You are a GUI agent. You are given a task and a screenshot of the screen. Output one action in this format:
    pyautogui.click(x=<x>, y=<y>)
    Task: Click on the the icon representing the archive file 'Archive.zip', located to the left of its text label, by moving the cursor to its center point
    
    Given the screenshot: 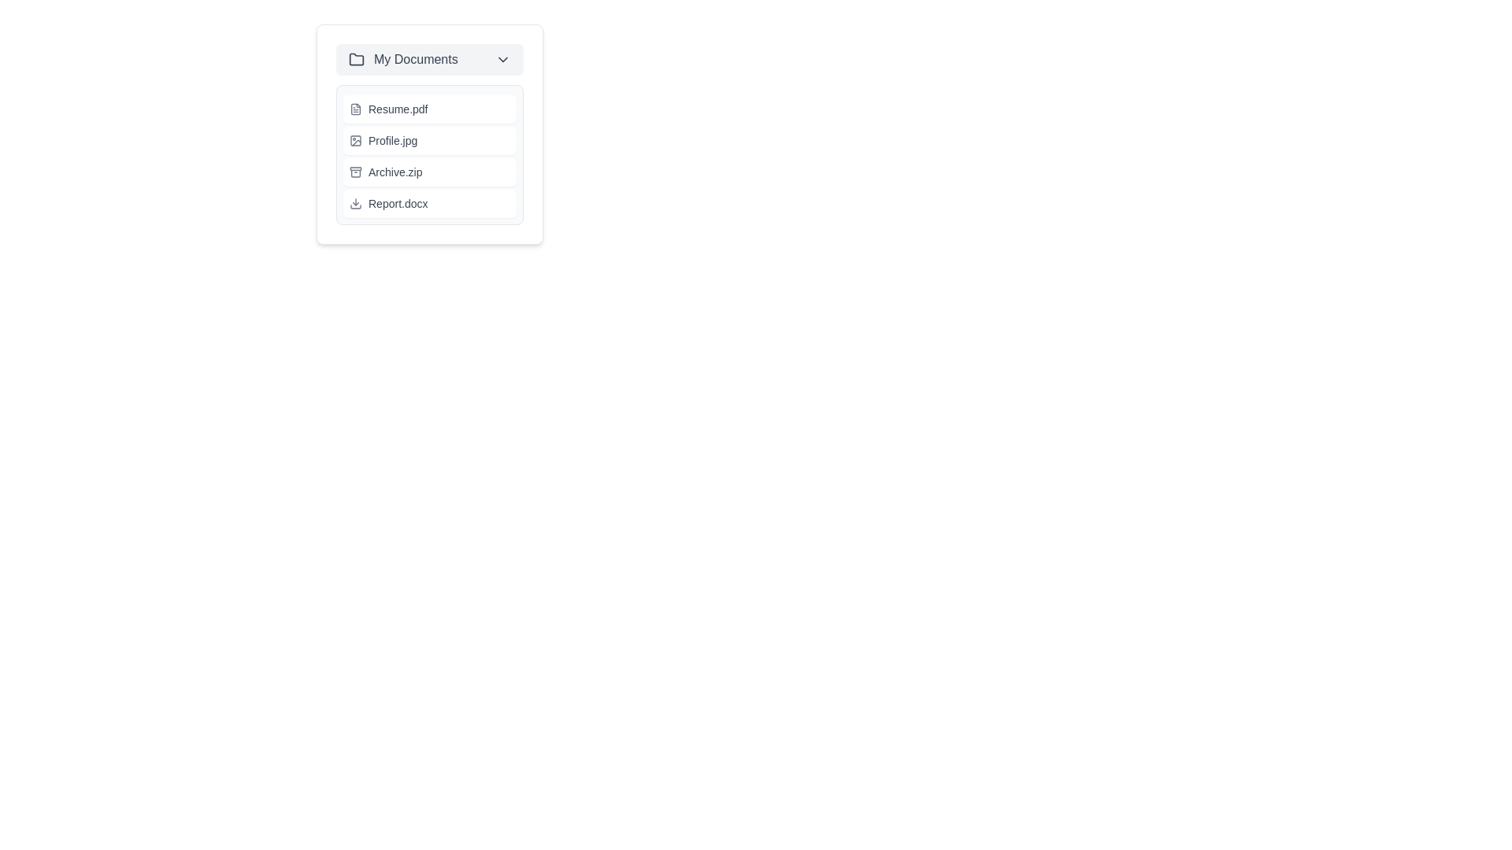 What is the action you would take?
    pyautogui.click(x=354, y=172)
    